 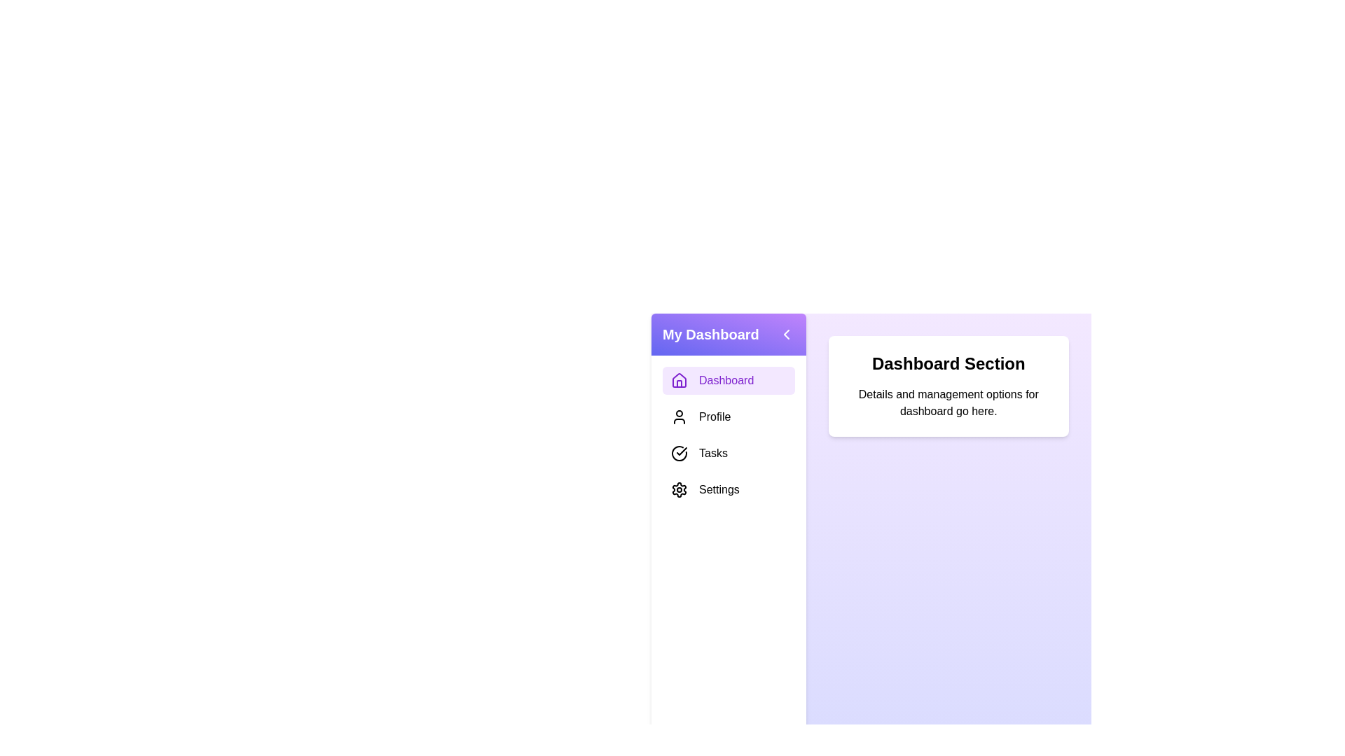 What do you see at coordinates (726, 380) in the screenshot?
I see `the 'Dashboard' text label, which is styled with purple text and aligned next to the home icon in the vertical navigation menu` at bounding box center [726, 380].